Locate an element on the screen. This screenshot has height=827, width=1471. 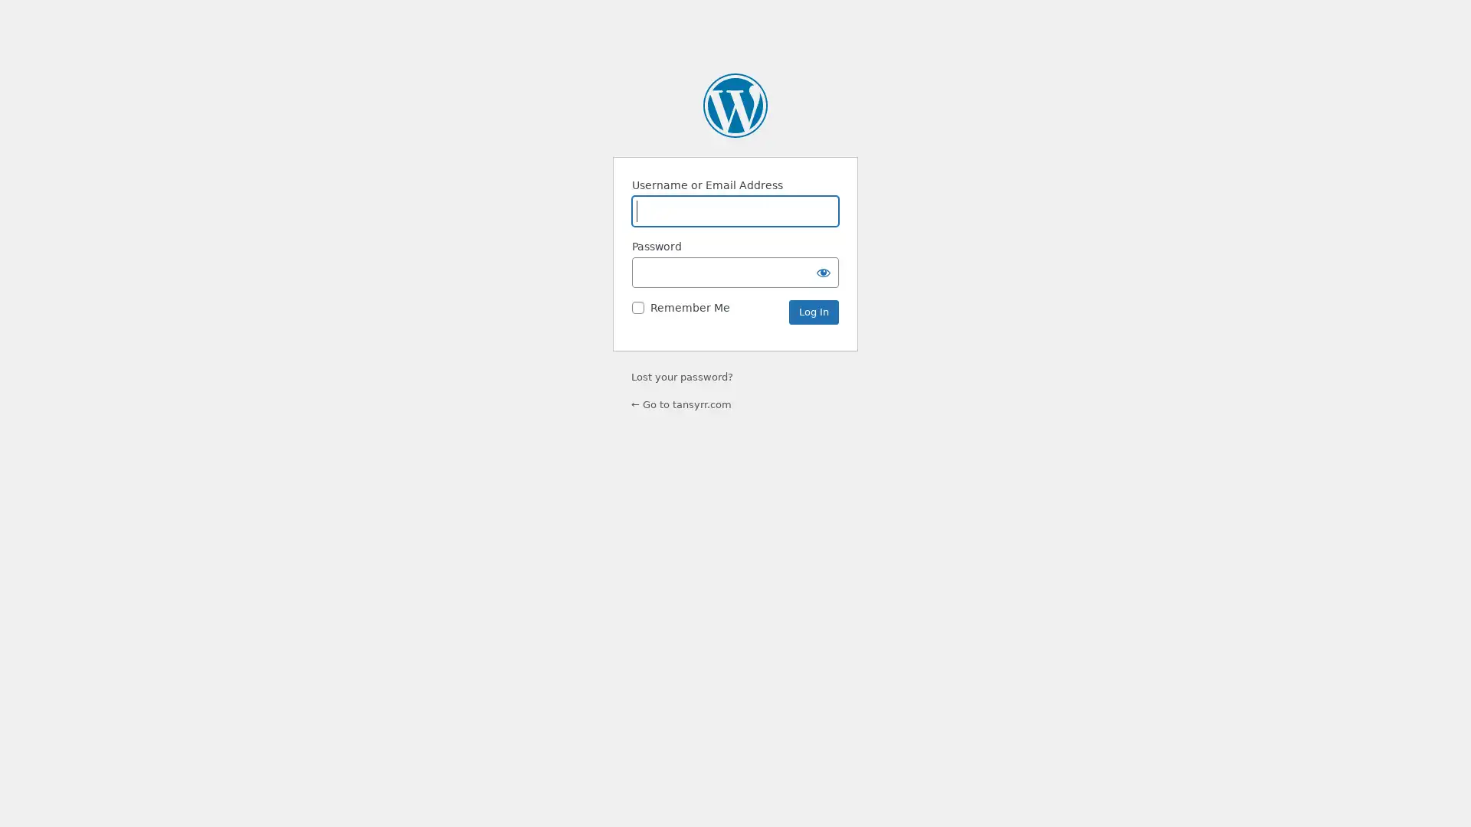
Show password is located at coordinates (823, 271).